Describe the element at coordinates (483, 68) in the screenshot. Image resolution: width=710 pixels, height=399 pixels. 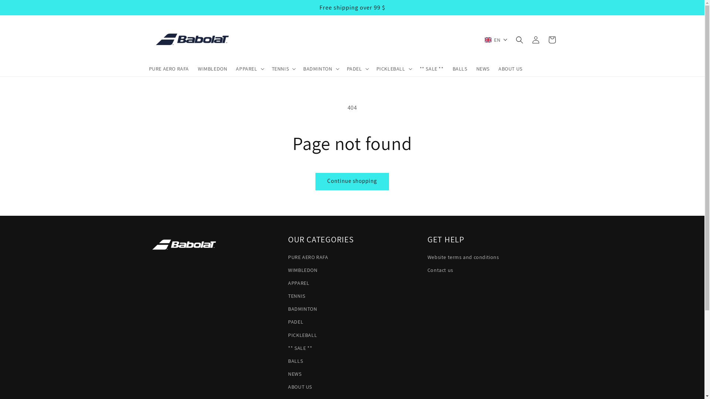
I see `'NEWS'` at that location.